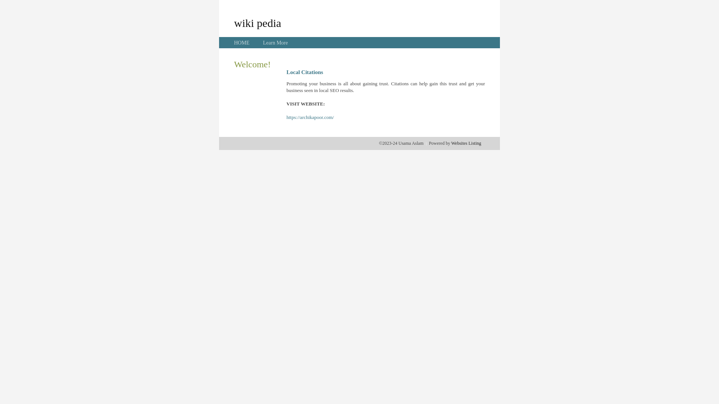 The image size is (719, 404). I want to click on 'HOME', so click(242, 43).